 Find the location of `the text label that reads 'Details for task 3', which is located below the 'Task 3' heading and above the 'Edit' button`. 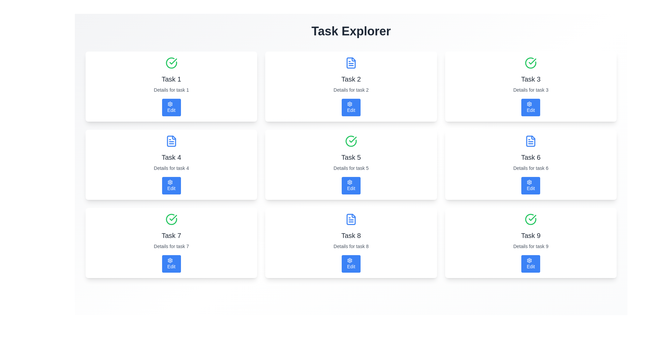

the text label that reads 'Details for task 3', which is located below the 'Task 3' heading and above the 'Edit' button is located at coordinates (530, 89).